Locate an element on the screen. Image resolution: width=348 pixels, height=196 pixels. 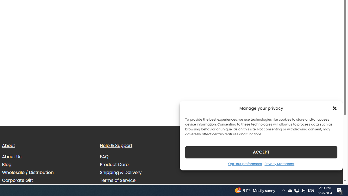
'Blog' is located at coordinates (7, 164).